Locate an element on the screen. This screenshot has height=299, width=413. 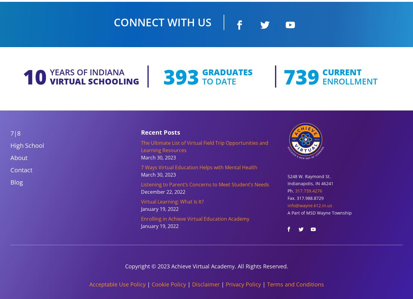
'Cookie Policy' is located at coordinates (168, 283).